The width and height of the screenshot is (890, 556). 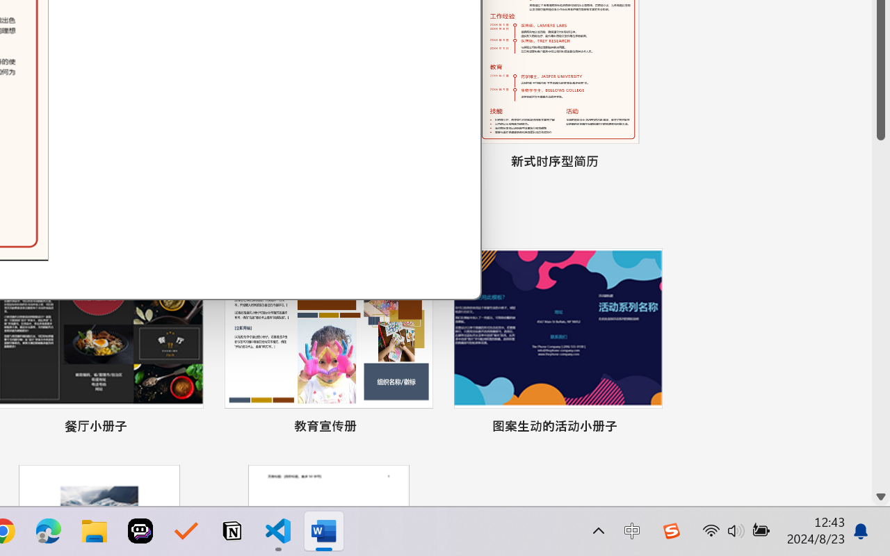 I want to click on 'Pin to list', so click(x=649, y=428).